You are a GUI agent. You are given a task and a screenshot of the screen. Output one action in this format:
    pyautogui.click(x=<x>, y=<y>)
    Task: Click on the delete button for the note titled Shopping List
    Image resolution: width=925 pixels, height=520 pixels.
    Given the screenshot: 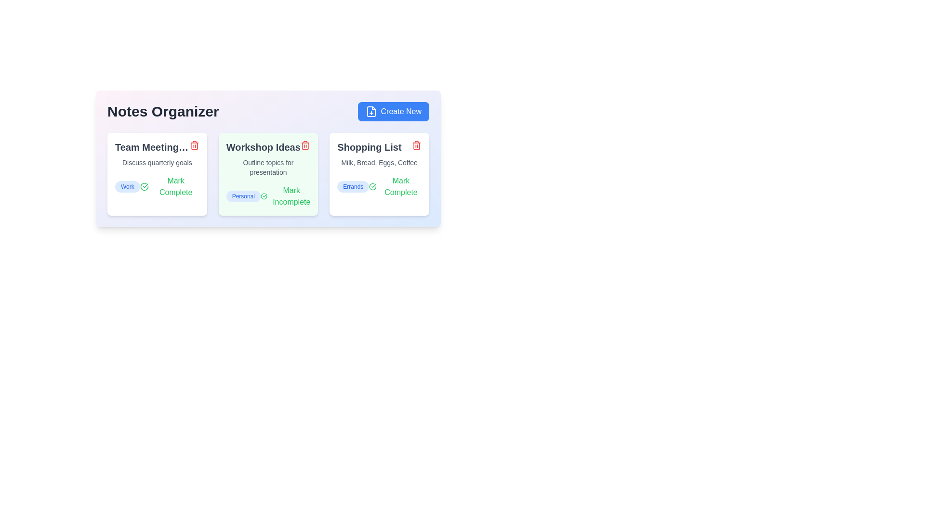 What is the action you would take?
    pyautogui.click(x=416, y=145)
    